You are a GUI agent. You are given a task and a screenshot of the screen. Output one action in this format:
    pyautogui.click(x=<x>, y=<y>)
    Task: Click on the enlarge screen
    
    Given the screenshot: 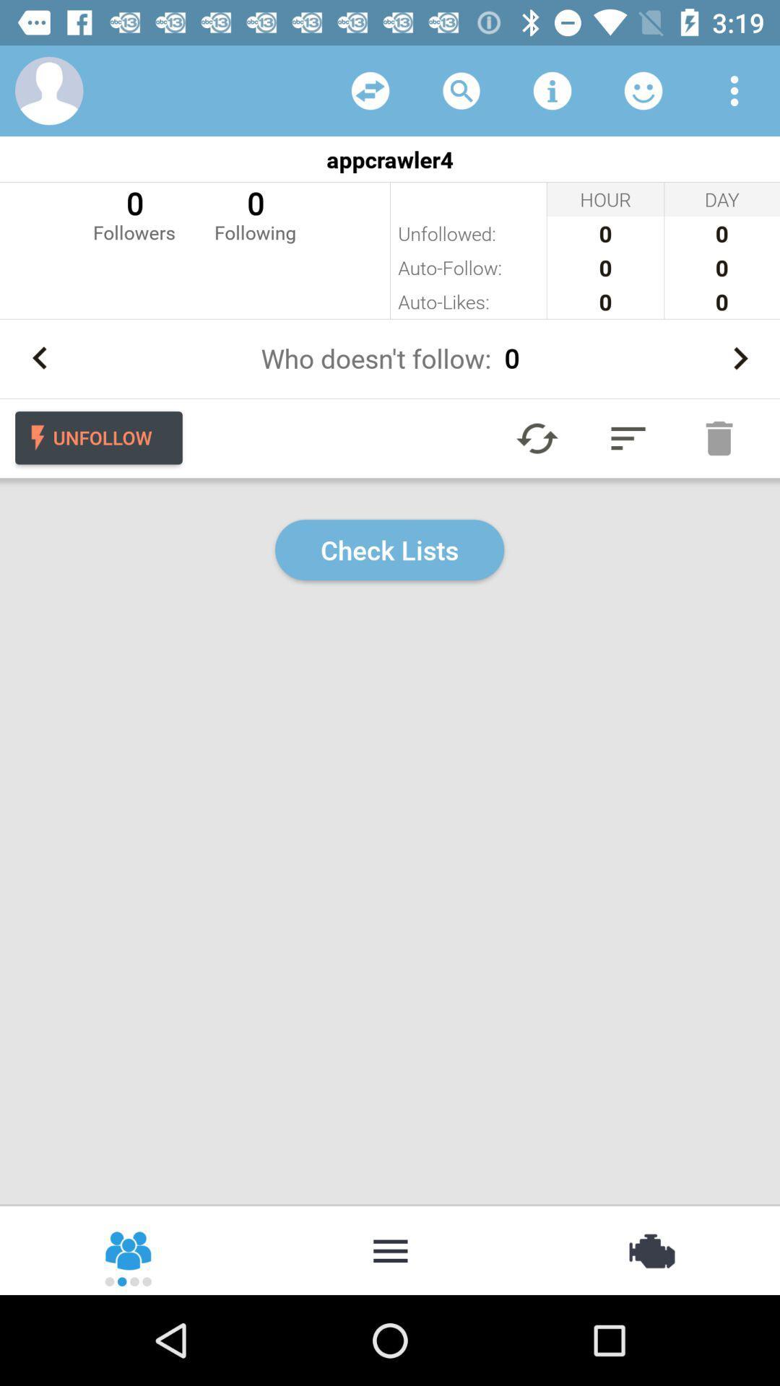 What is the action you would take?
    pyautogui.click(x=628, y=437)
    